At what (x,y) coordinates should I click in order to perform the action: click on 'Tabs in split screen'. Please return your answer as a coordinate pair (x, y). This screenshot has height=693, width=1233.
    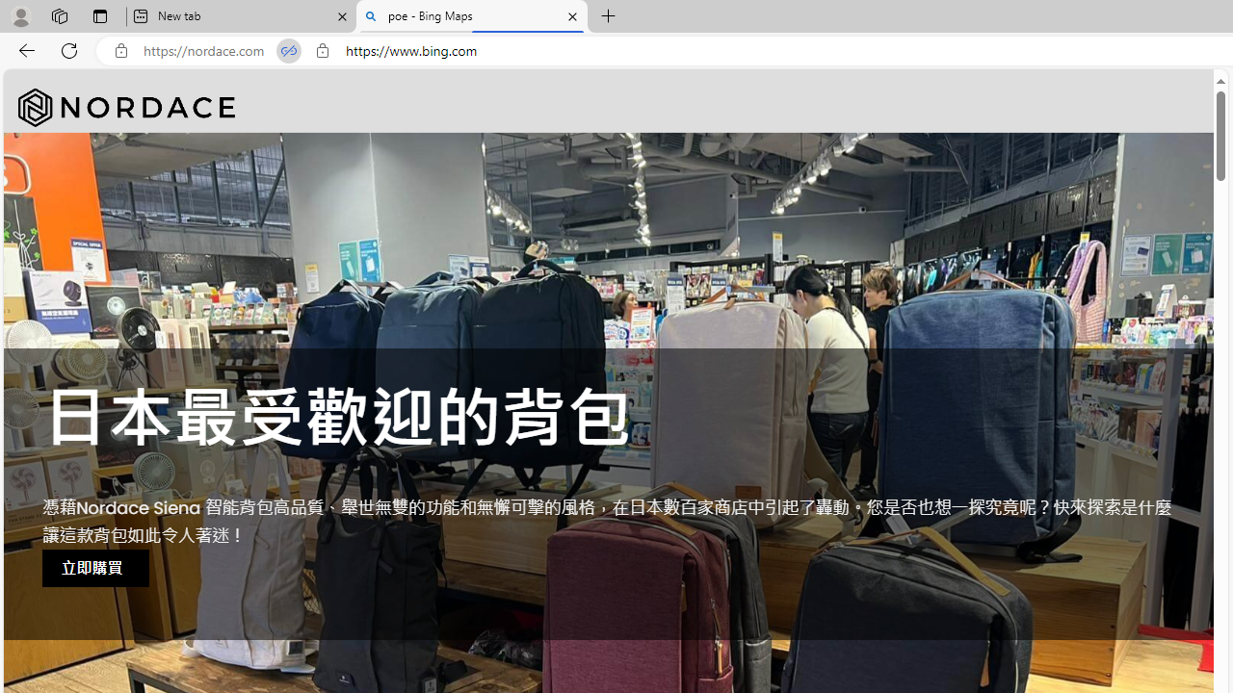
    Looking at the image, I should click on (288, 50).